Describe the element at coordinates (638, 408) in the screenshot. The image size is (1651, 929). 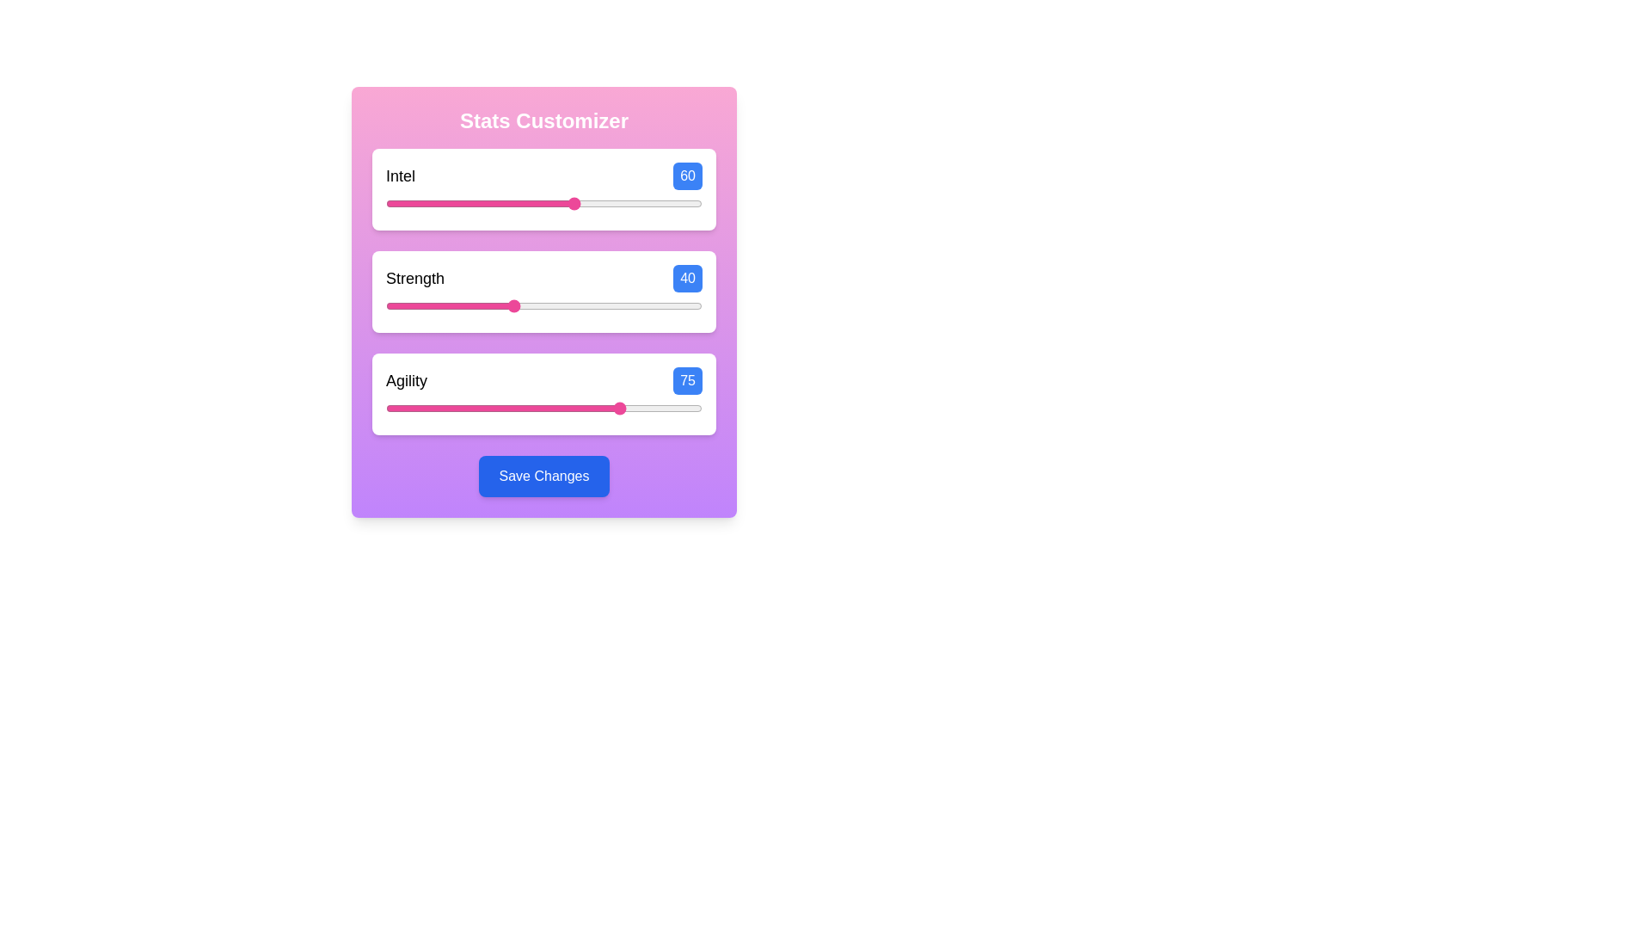
I see `the agility level` at that location.